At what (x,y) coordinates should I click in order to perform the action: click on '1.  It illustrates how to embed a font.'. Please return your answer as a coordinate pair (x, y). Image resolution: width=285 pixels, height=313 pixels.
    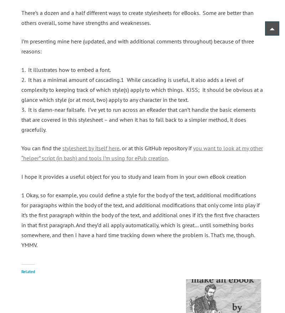
    Looking at the image, I should click on (66, 69).